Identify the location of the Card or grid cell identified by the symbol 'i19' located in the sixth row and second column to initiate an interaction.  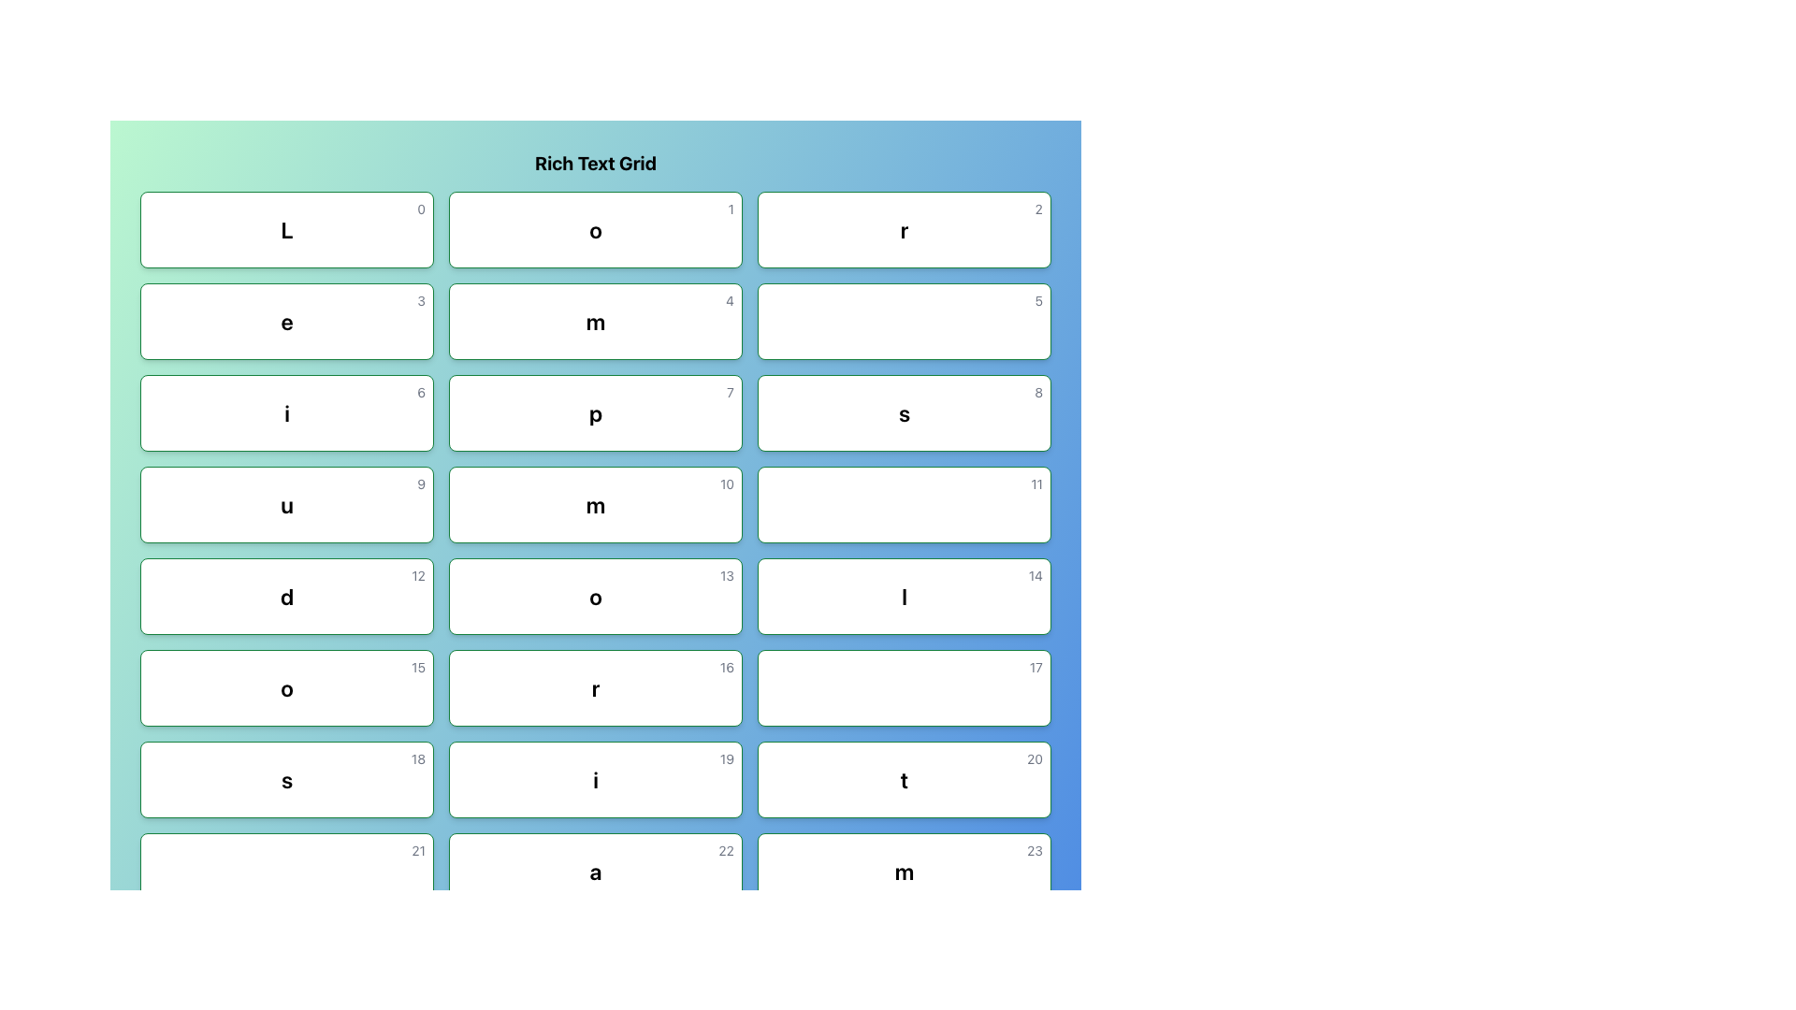
(595, 779).